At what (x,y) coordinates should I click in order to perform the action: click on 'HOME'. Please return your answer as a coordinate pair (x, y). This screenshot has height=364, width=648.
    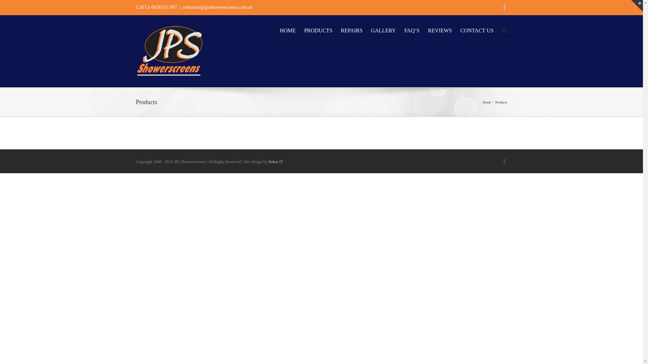
    Looking at the image, I should click on (288, 29).